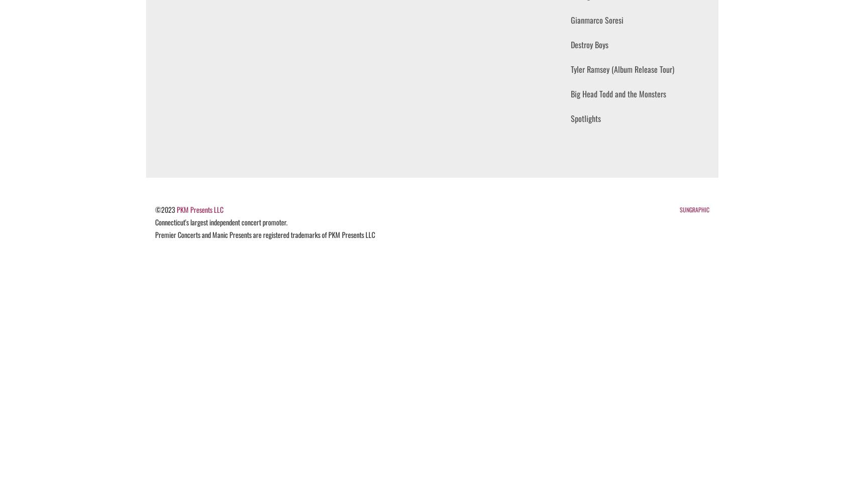 The image size is (864, 502). I want to click on 'Big Head Todd and the Monsters', so click(618, 94).